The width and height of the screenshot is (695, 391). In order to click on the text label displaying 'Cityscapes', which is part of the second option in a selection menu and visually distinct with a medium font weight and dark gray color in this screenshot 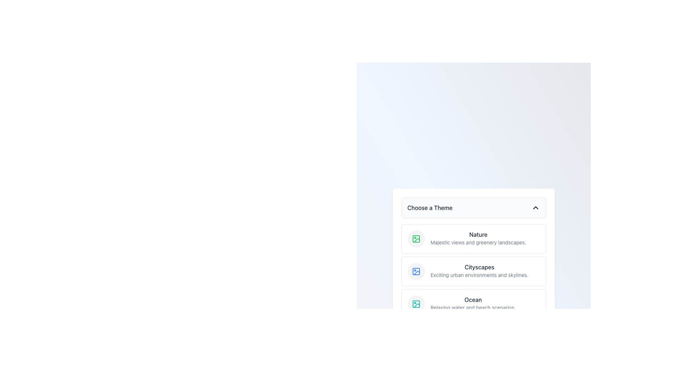, I will do `click(479, 267)`.